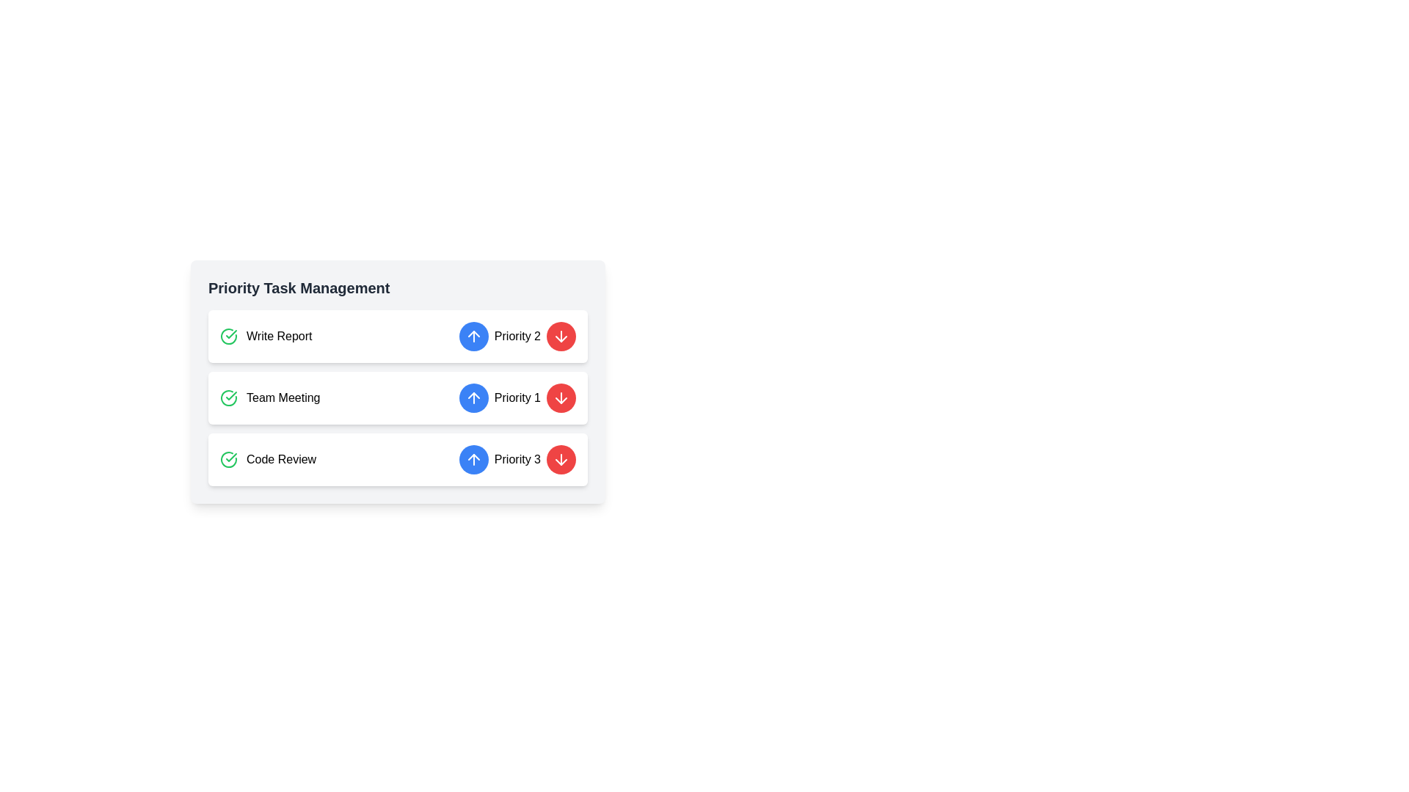 This screenshot has width=1409, height=792. Describe the element at coordinates (560, 398) in the screenshot. I see `the button with an arrow graphic used for decreasing priority level, located to the right of 'Priority 1' in the 'Team Meeting' row of the 'Priority Task Management' component` at that location.